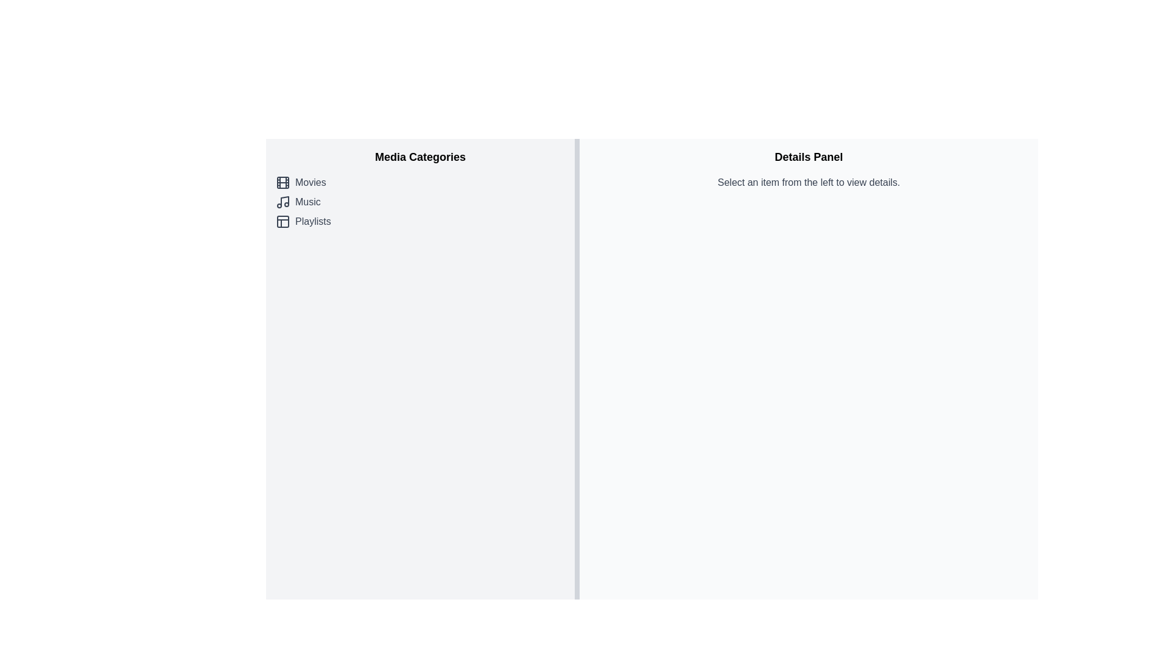 The height and width of the screenshot is (658, 1169). What do you see at coordinates (283, 201) in the screenshot?
I see `the musical note icon` at bounding box center [283, 201].